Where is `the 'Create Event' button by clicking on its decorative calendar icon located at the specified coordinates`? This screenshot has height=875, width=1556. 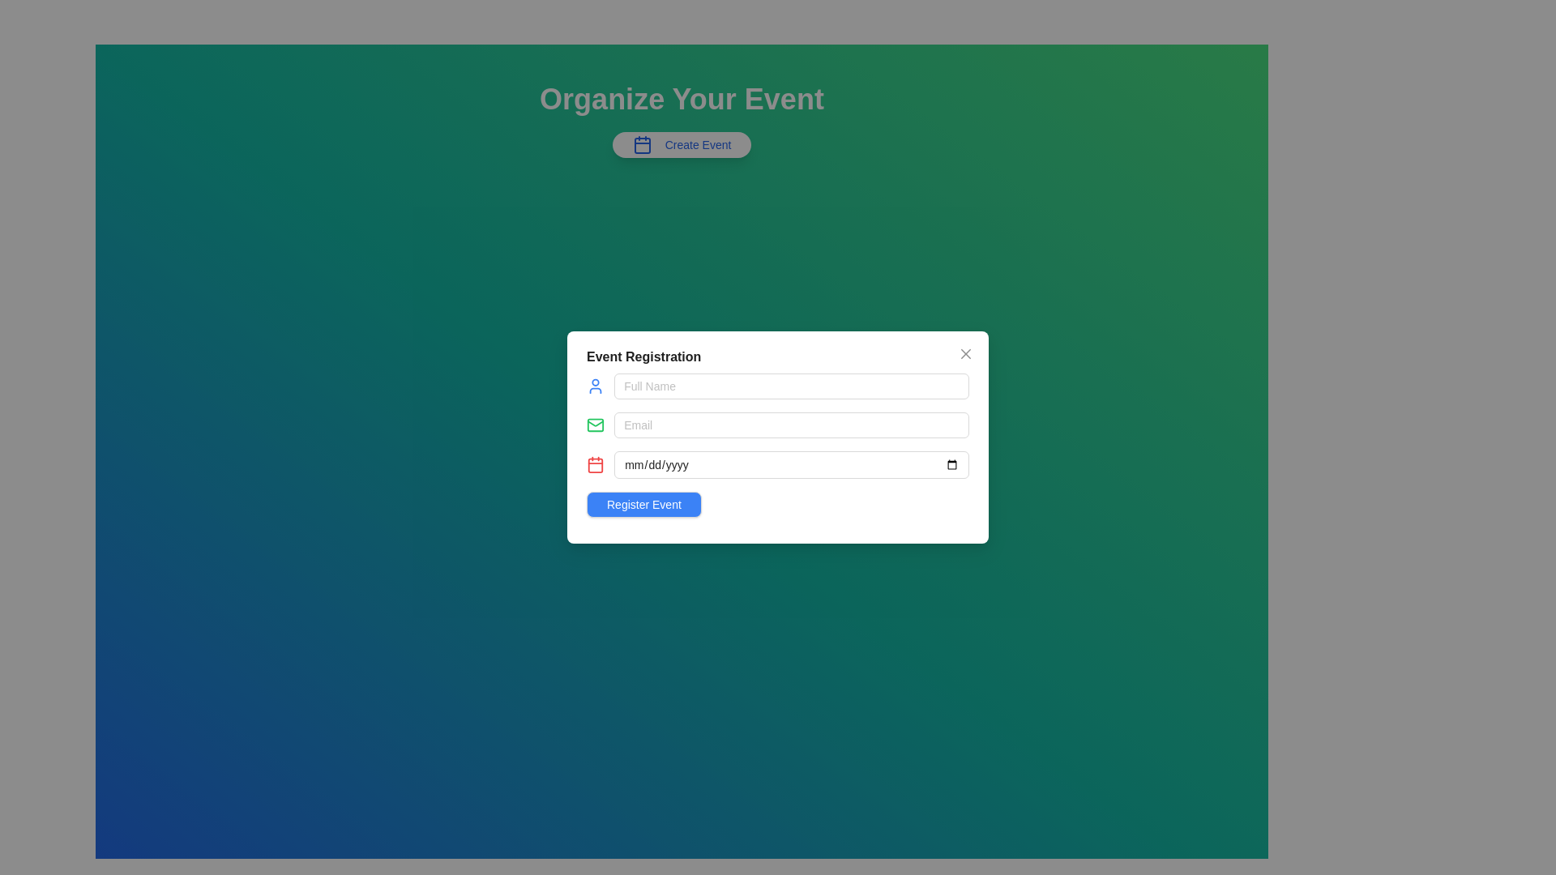
the 'Create Event' button by clicking on its decorative calendar icon located at the specified coordinates is located at coordinates (641, 143).